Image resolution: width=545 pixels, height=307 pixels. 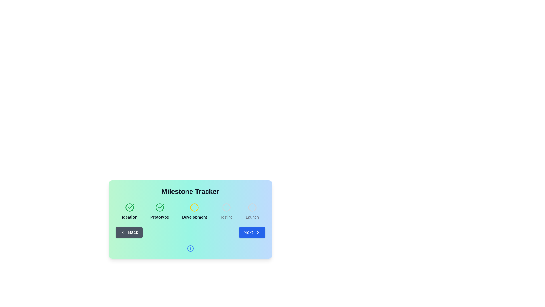 I want to click on text label displaying 'Prototype' in bold and small font size, styled in black color, located beneath the green checkmark icon in the milestone tracker interface, so click(x=159, y=217).